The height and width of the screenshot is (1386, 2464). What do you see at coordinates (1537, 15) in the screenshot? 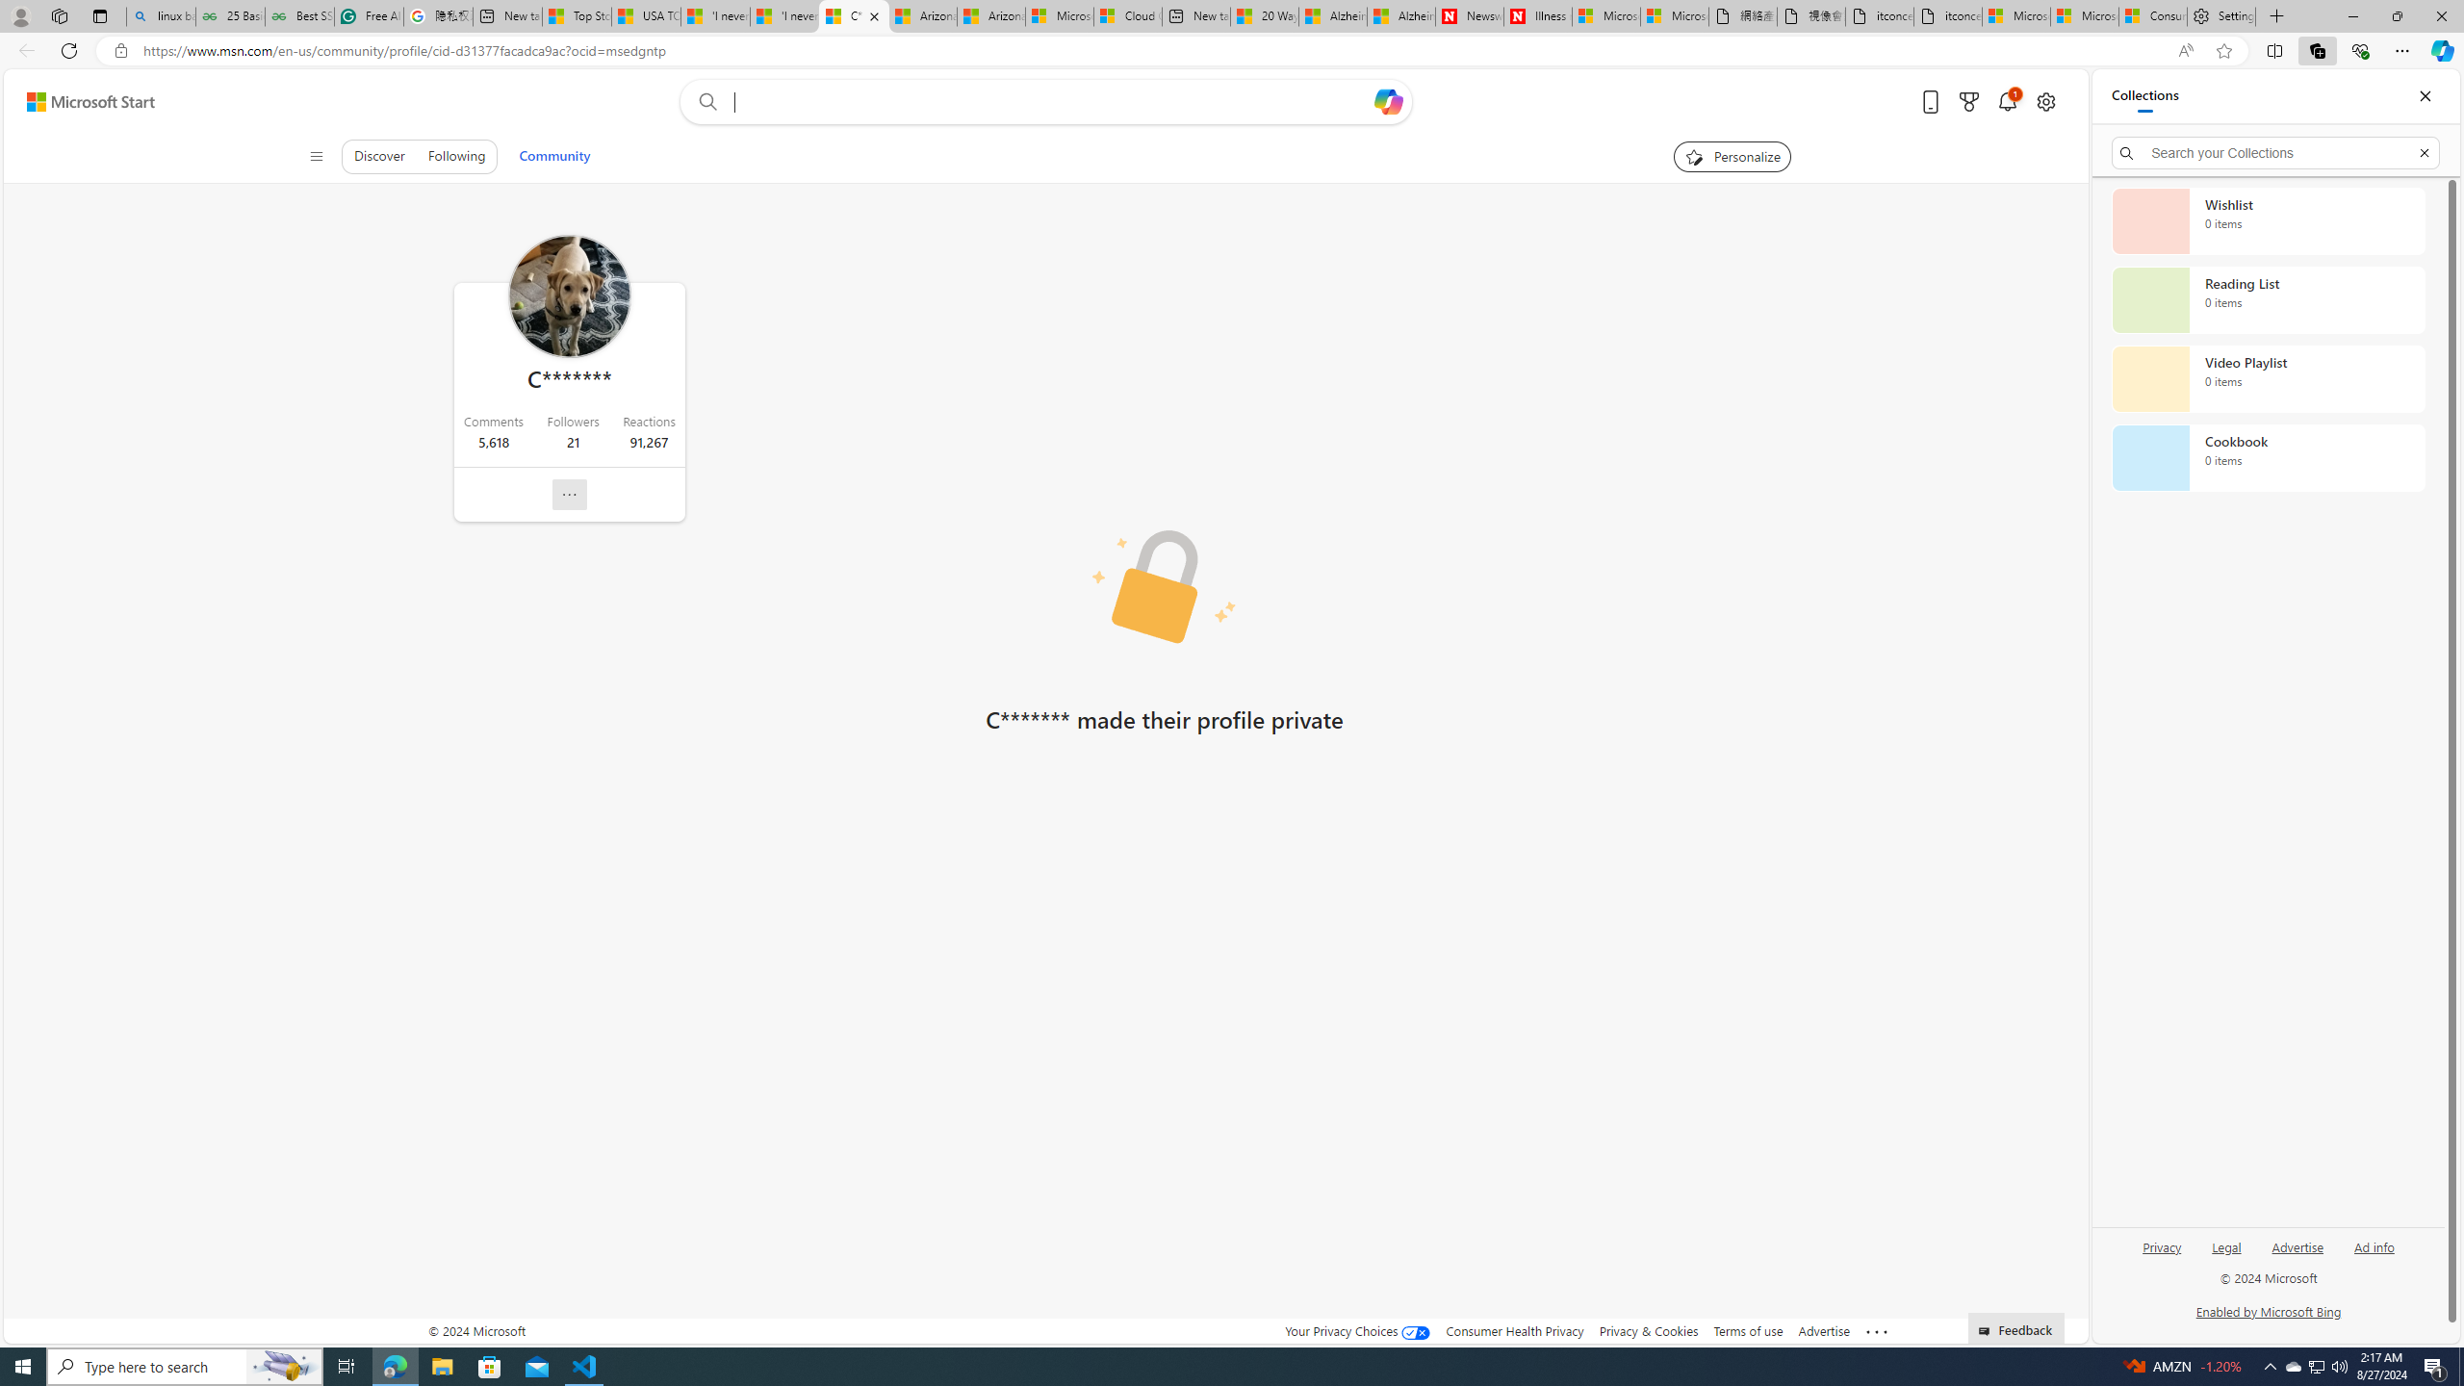
I see `'Illness news & latest pictures from Newsweek.com'` at bounding box center [1537, 15].